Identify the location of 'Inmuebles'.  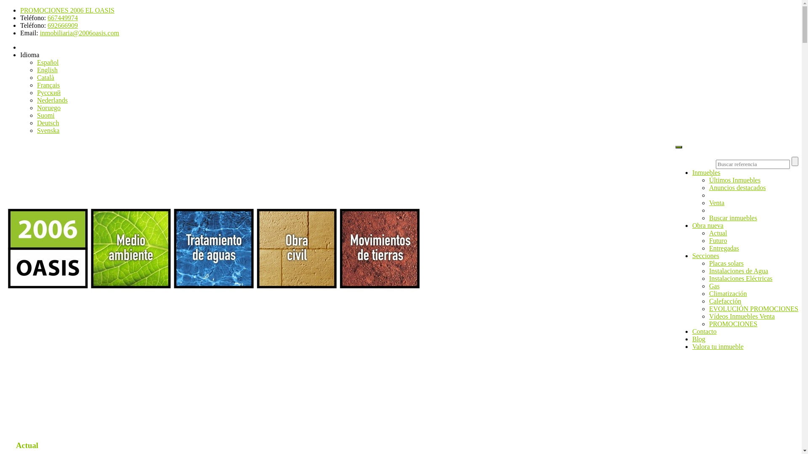
(706, 172).